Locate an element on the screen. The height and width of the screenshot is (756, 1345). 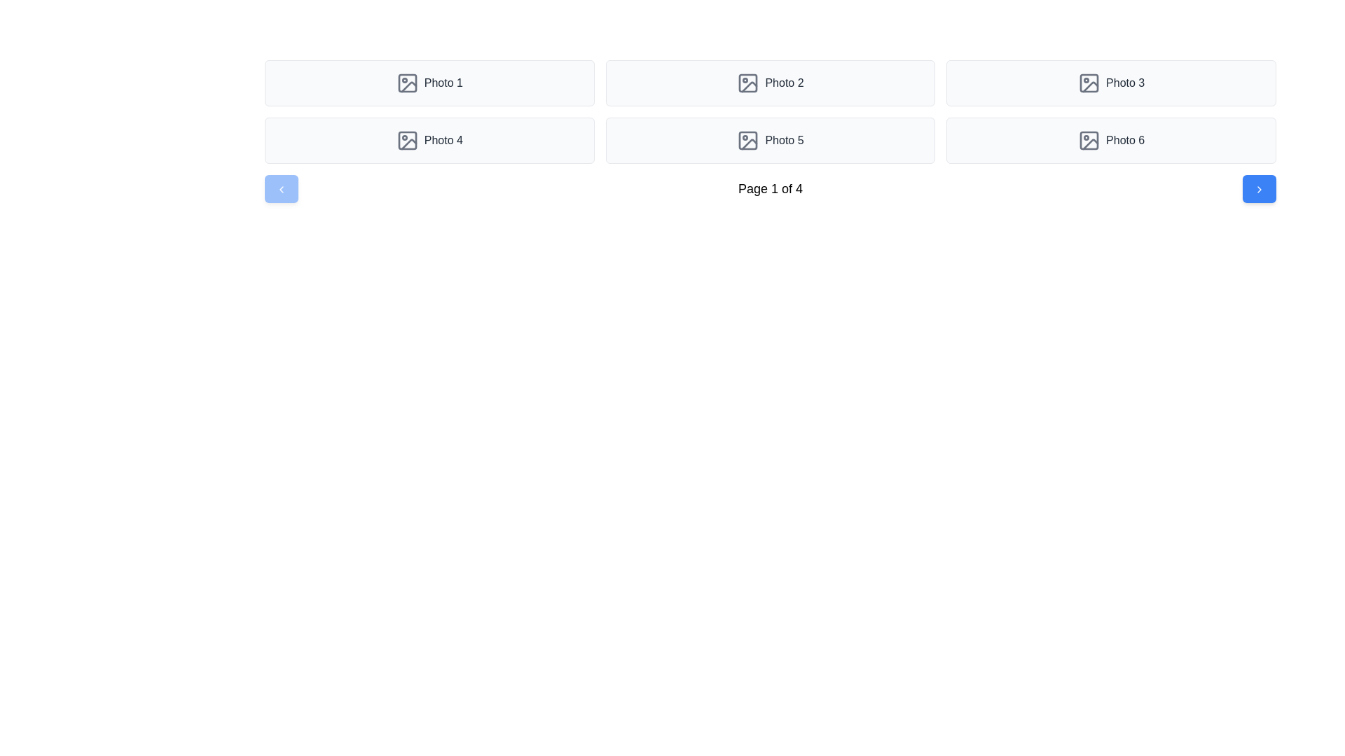
the small square with rounded edges in the photo icon for 'Photo 1', located in the first cell of the grid is located at coordinates (406, 83).